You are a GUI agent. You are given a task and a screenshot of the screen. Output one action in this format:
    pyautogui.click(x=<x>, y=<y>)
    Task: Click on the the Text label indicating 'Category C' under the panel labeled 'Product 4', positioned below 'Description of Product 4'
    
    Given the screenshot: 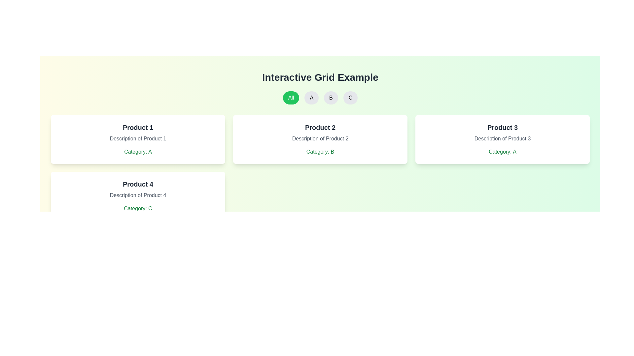 What is the action you would take?
    pyautogui.click(x=137, y=208)
    